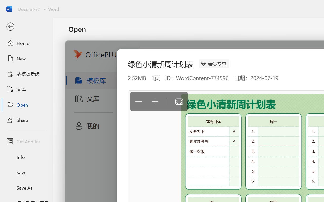 The image size is (324, 202). What do you see at coordinates (26, 157) in the screenshot?
I see `'Info'` at bounding box center [26, 157].